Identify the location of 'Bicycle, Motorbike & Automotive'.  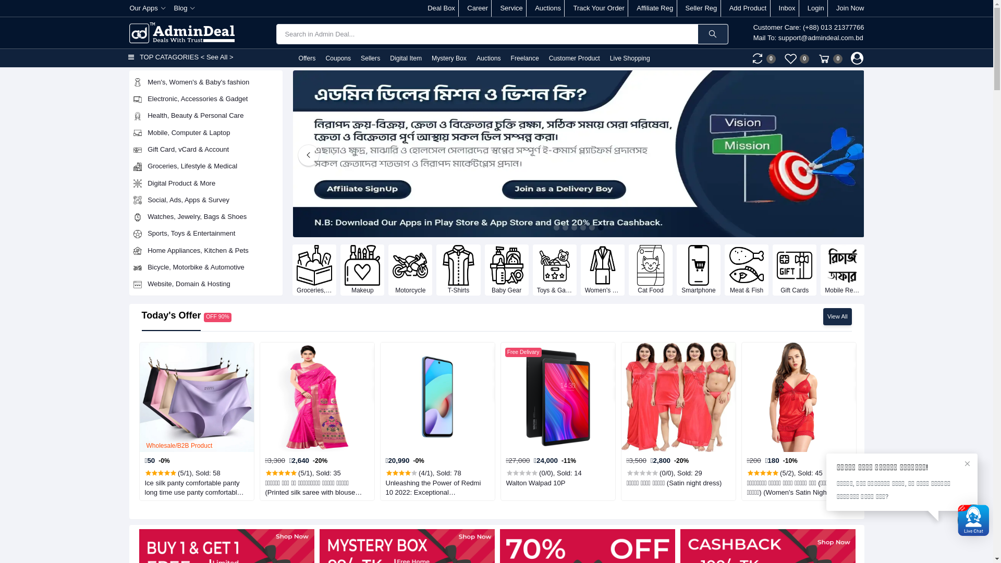
(206, 267).